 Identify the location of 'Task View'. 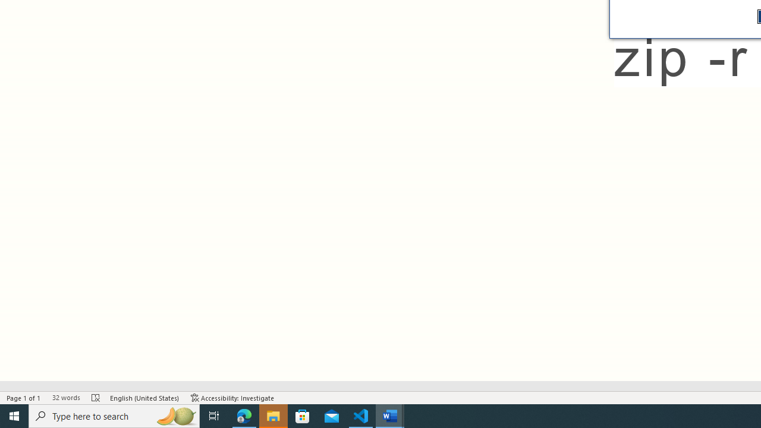
(213, 415).